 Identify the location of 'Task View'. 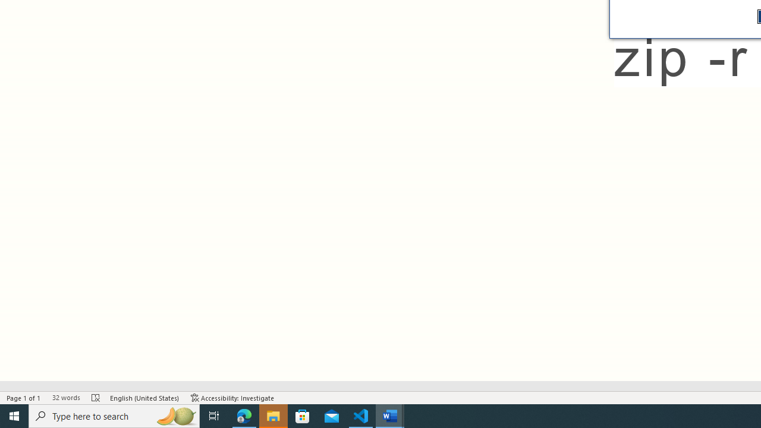
(213, 415).